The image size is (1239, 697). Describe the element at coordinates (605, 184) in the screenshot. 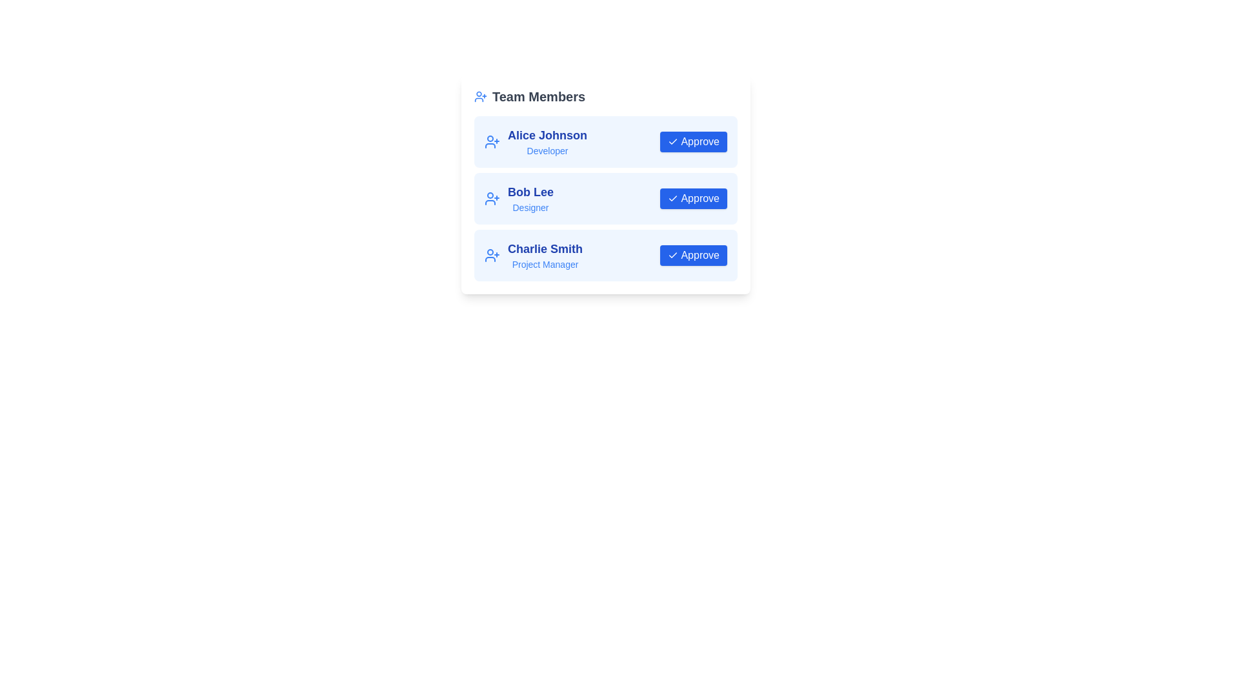

I see `textual content of the second team member entry in the list, which includes their name and role, located at the center of the page` at that location.